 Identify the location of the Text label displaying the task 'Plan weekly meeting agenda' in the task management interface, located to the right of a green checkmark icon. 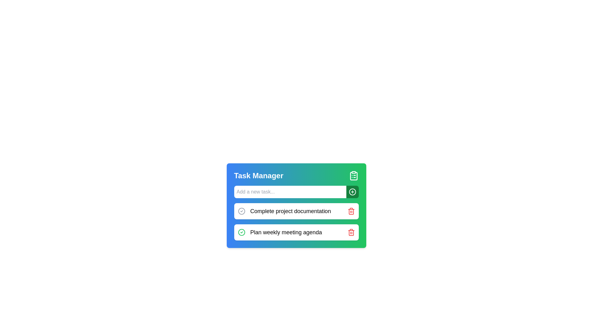
(286, 232).